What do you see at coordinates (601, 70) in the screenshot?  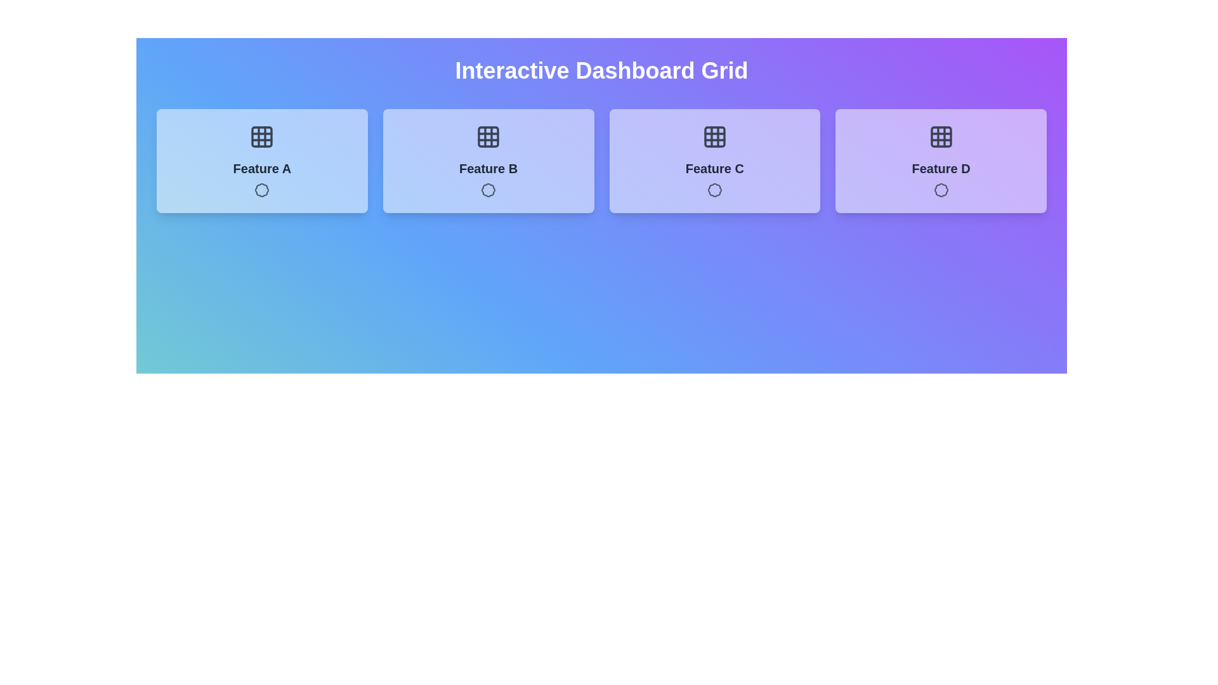 I see `header text 'Interactive Dashboard Grid', which is a bold, centered title in a large, white font against a gradient background, to understand the purpose of the interface` at bounding box center [601, 70].